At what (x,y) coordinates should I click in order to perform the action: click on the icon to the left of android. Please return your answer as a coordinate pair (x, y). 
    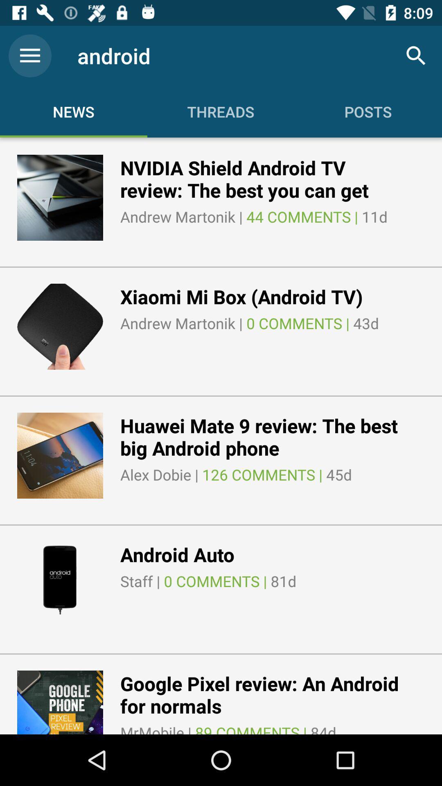
    Looking at the image, I should click on (29, 55).